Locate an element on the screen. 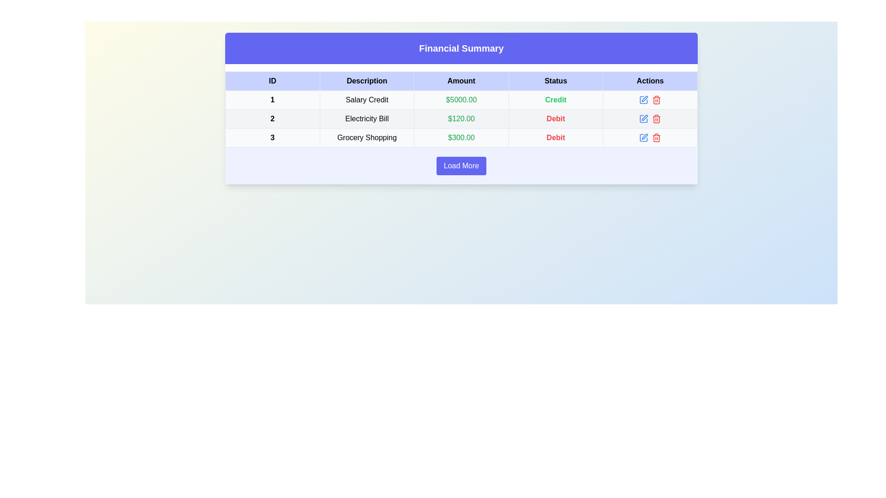  the static text label indicating the transaction status 'Credit' in the third column of the first row of the financial summary dashboard is located at coordinates (555, 100).